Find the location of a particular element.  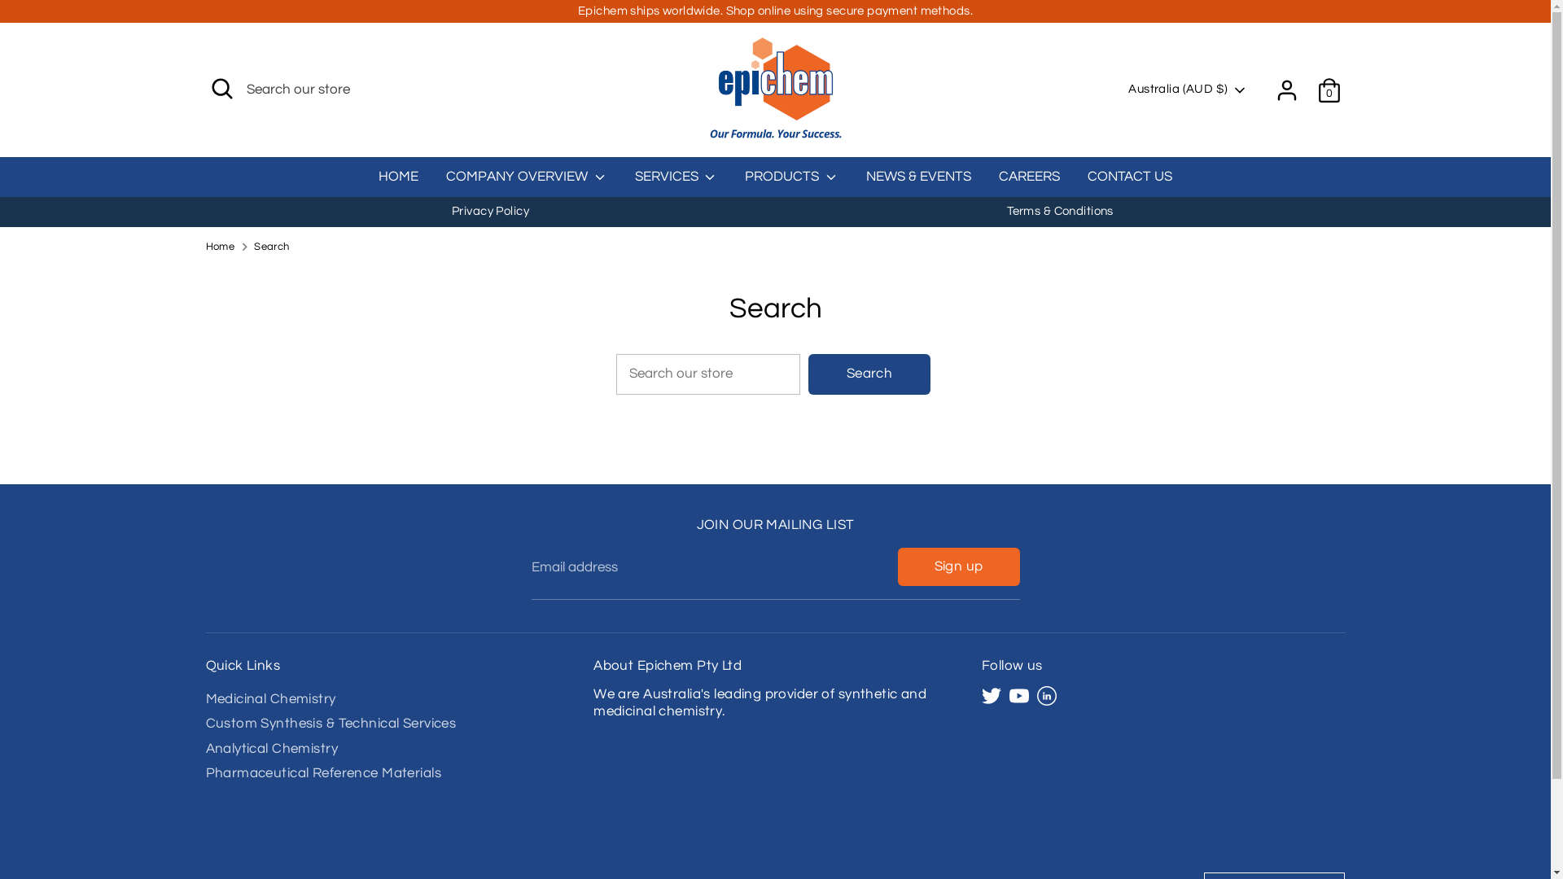

'Analytical Chemistry' is located at coordinates (271, 749).